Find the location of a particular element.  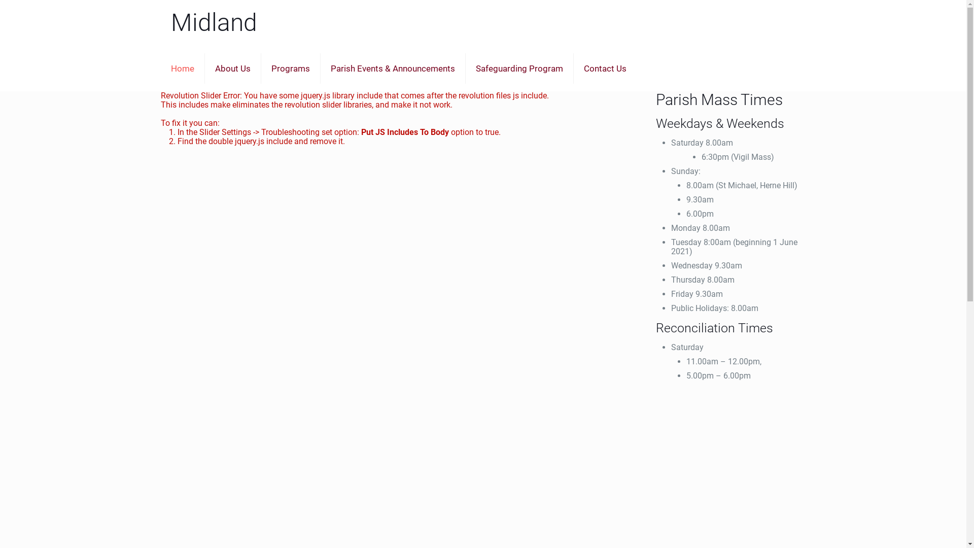

'About Us' is located at coordinates (204, 68).